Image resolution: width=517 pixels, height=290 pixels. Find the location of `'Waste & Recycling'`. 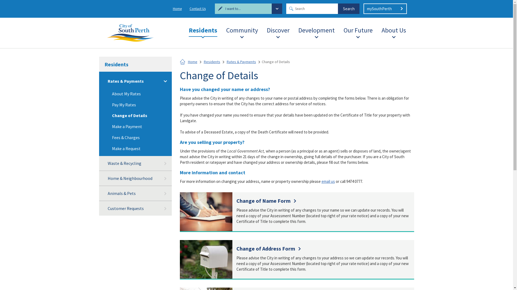

'Waste & Recycling' is located at coordinates (135, 163).